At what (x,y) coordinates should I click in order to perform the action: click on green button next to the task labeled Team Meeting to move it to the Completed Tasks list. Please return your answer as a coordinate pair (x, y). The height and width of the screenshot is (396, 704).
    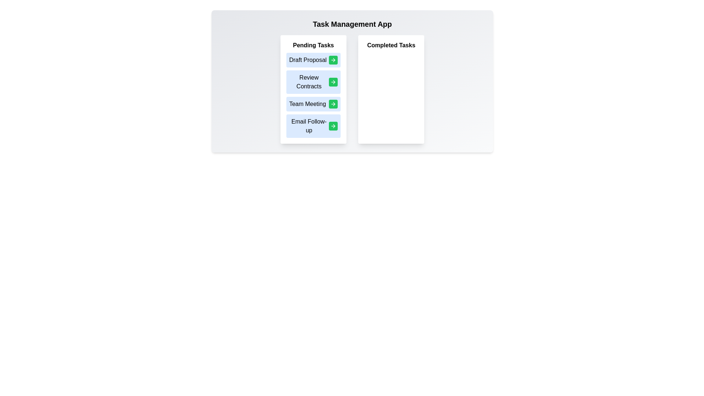
    Looking at the image, I should click on (333, 104).